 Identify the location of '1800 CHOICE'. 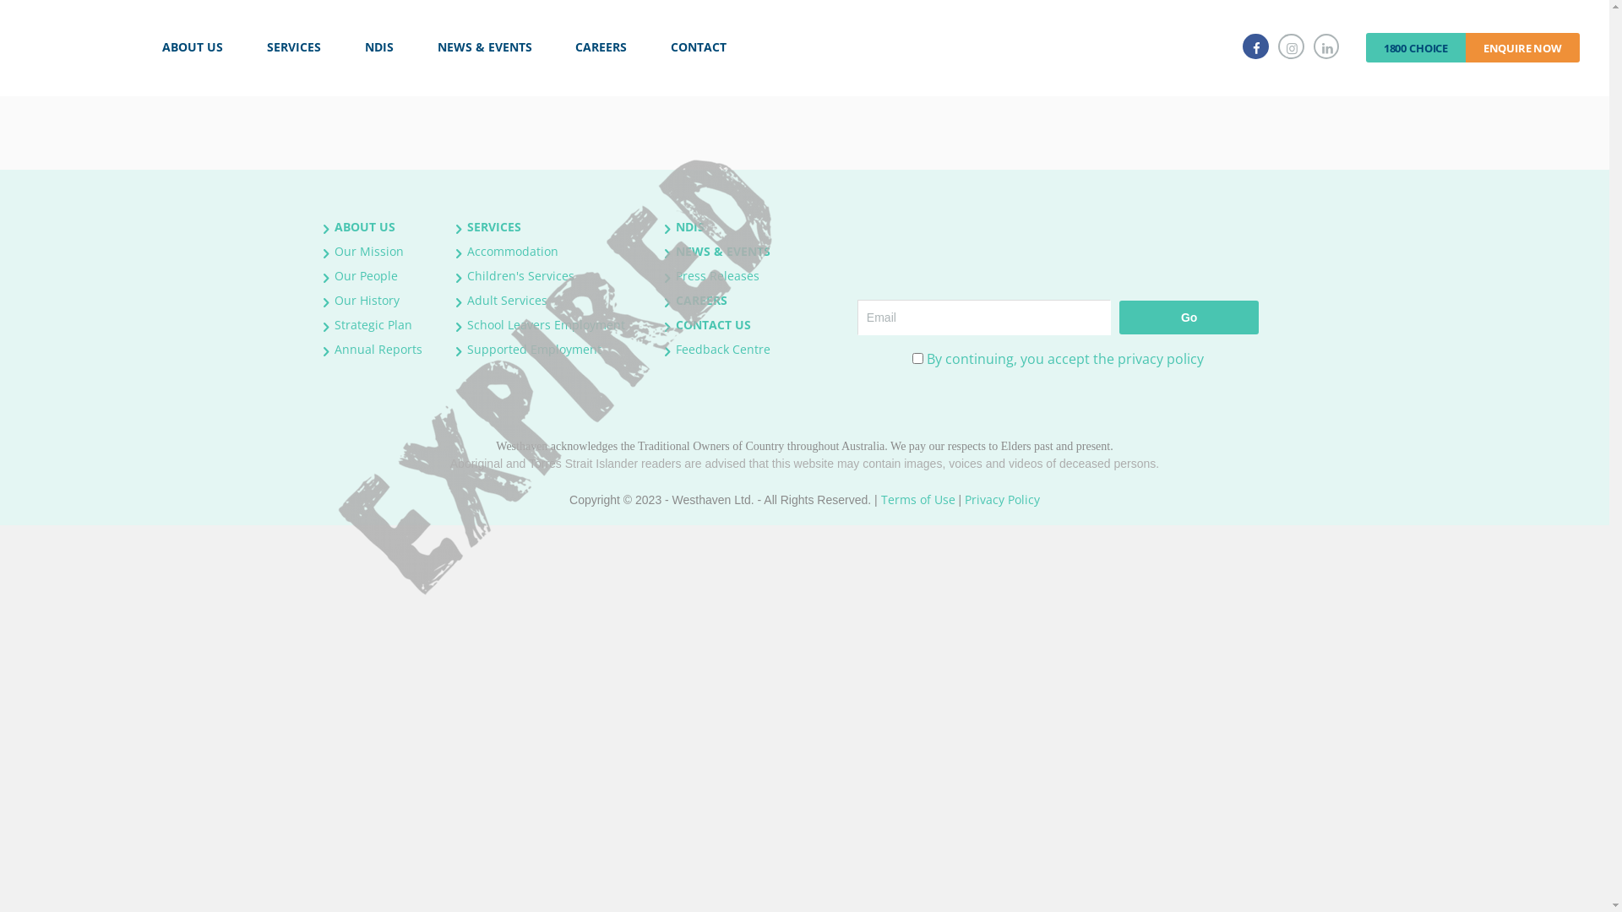
(1366, 46).